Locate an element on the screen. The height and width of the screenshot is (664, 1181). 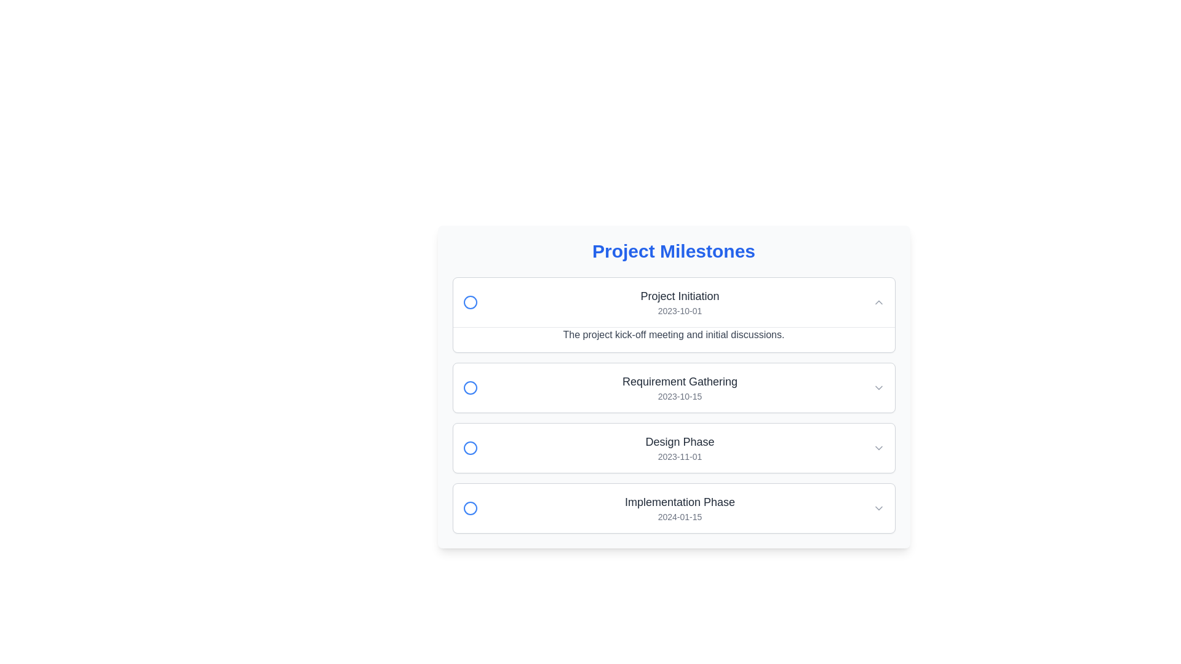
the text block displaying 'Requirement Gathering' and '2023-10-15' is located at coordinates (679, 388).